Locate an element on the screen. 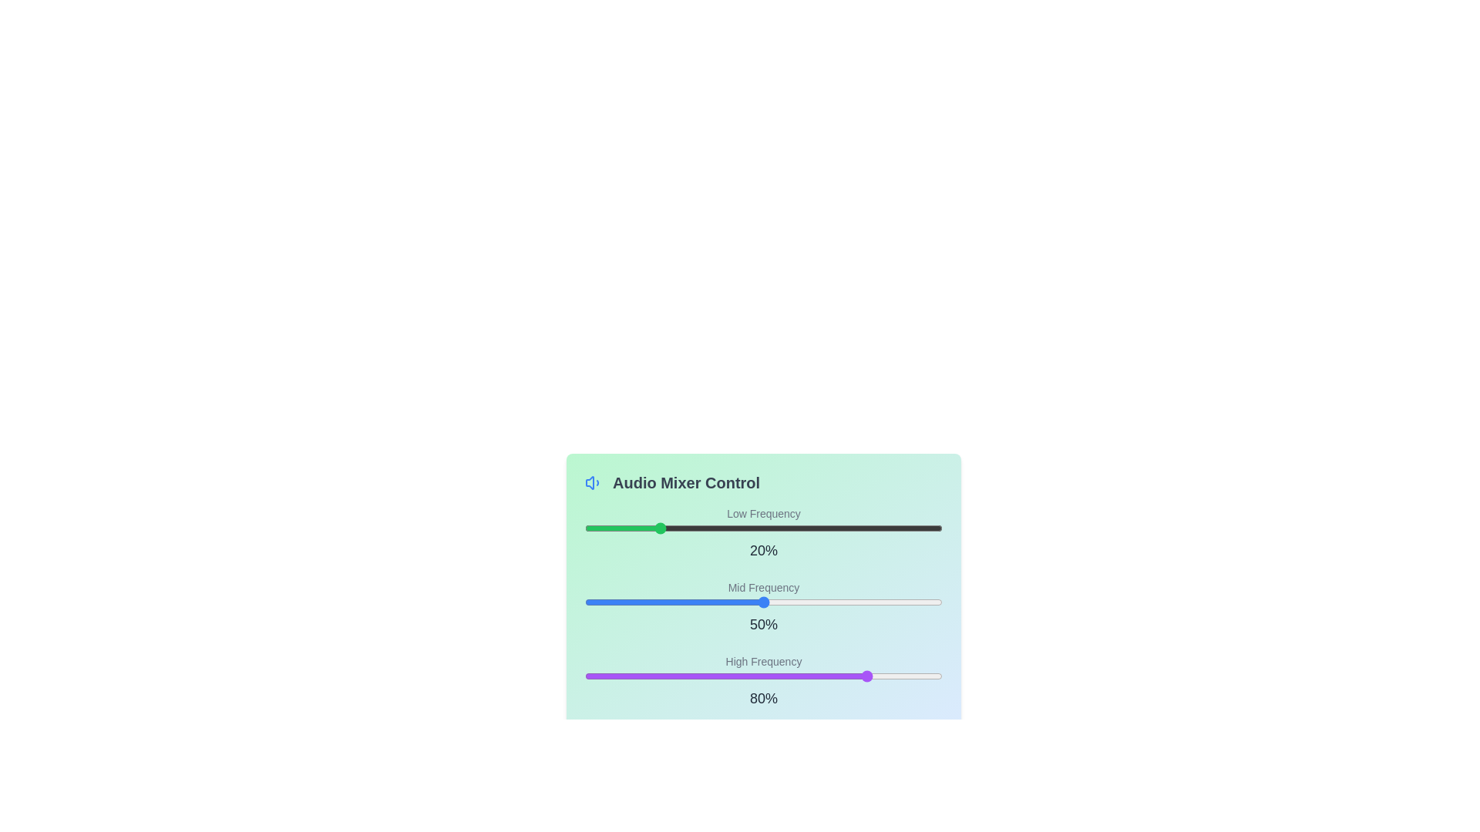  the text label 'Audio Mixer Control', which is styled in bold grayish font and located near the top of a light cyan box is located at coordinates (685, 482).